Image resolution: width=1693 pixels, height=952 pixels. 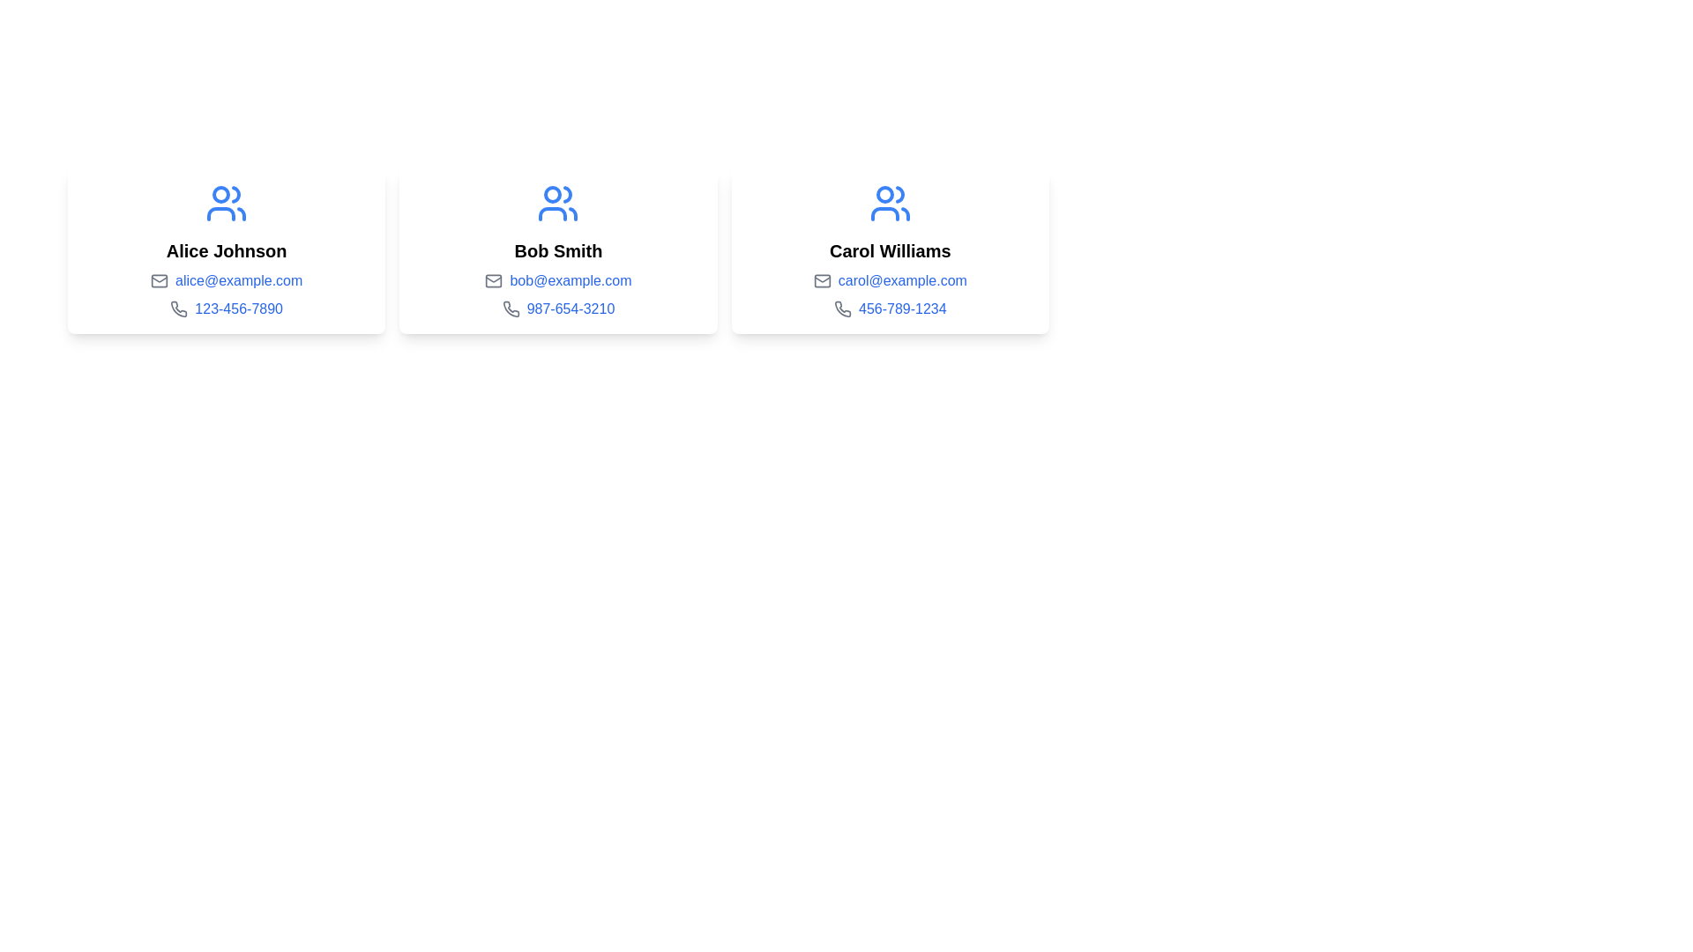 What do you see at coordinates (226, 251) in the screenshot?
I see `text label displaying 'Alice Johnson' prominently in the card layout, positioned below the user icon and above the email and phone number` at bounding box center [226, 251].